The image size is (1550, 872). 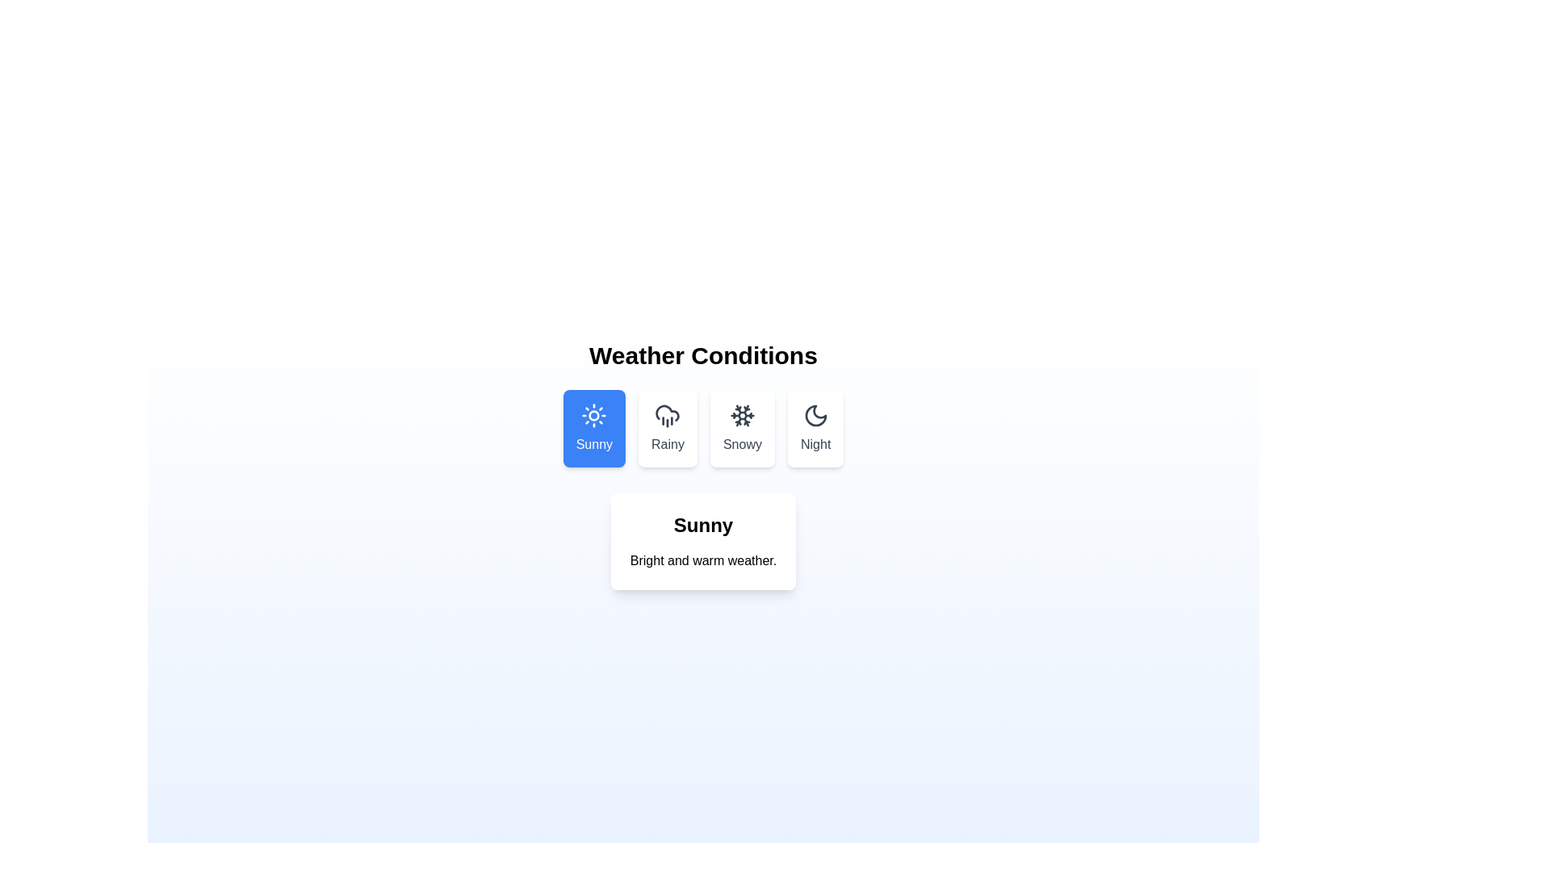 I want to click on the Night tab to view its weather condition, so click(x=815, y=428).